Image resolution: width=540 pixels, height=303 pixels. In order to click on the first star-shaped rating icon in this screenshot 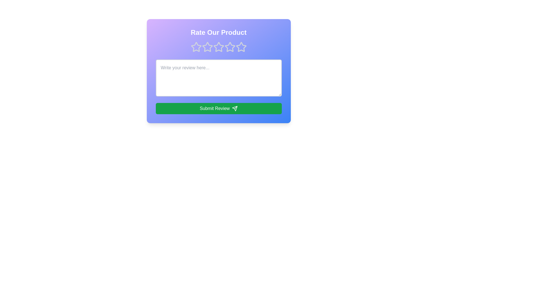, I will do `click(196, 47)`.